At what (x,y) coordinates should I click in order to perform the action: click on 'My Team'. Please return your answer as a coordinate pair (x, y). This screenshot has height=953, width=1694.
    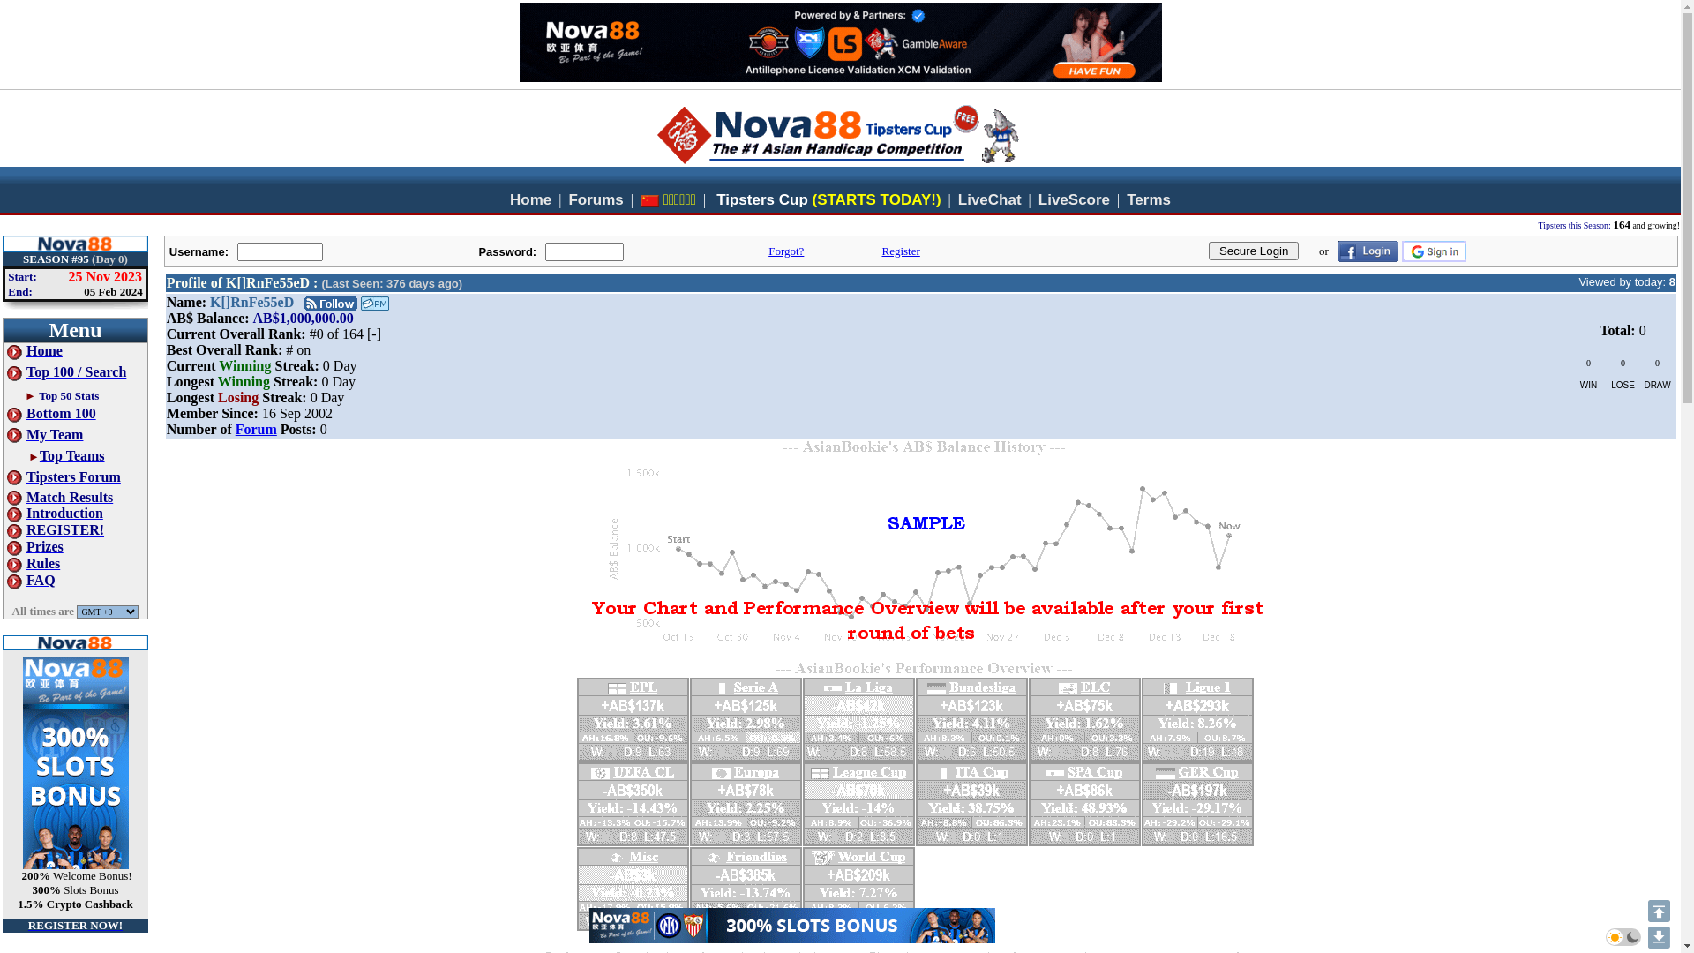
    Looking at the image, I should click on (45, 434).